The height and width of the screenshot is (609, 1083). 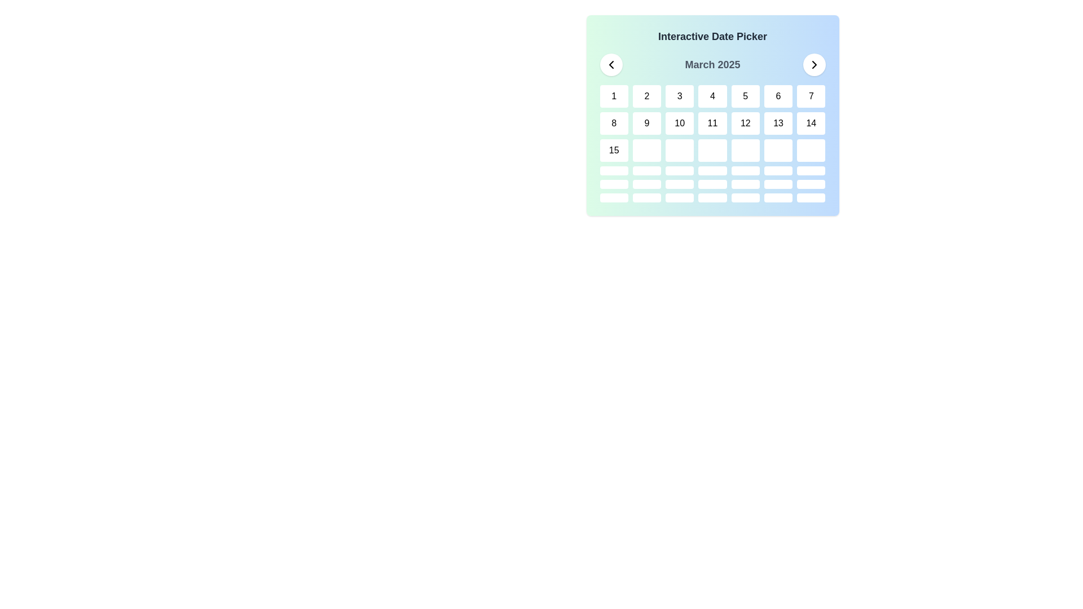 I want to click on the clickable selectable cell located in the fifth column of the fourth row of the interactive calendar grid, so click(x=745, y=171).